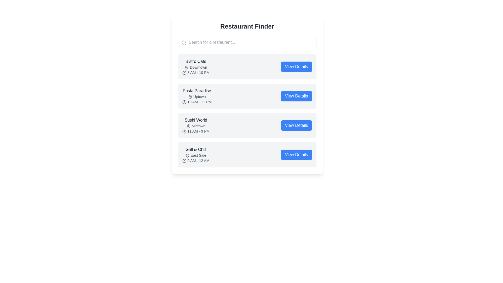  What do you see at coordinates (184, 73) in the screenshot?
I see `the clock icon representing the operating hours of the Bistro Cafe, located to the left of the text '8 AM - 10 PM'` at bounding box center [184, 73].